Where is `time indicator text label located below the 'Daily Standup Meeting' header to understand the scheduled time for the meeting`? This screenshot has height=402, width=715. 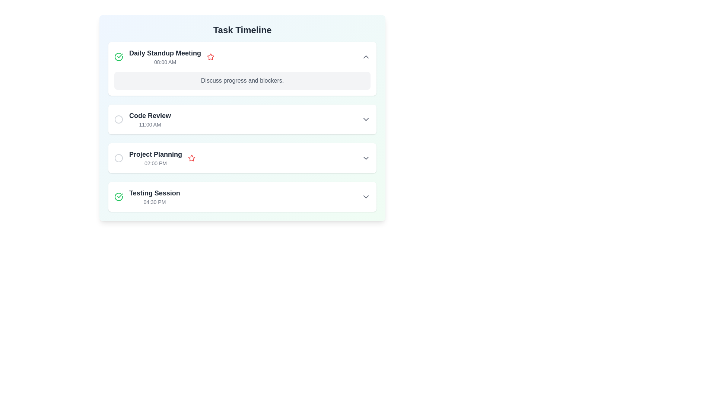 time indicator text label located below the 'Daily Standup Meeting' header to understand the scheduled time for the meeting is located at coordinates (165, 61).